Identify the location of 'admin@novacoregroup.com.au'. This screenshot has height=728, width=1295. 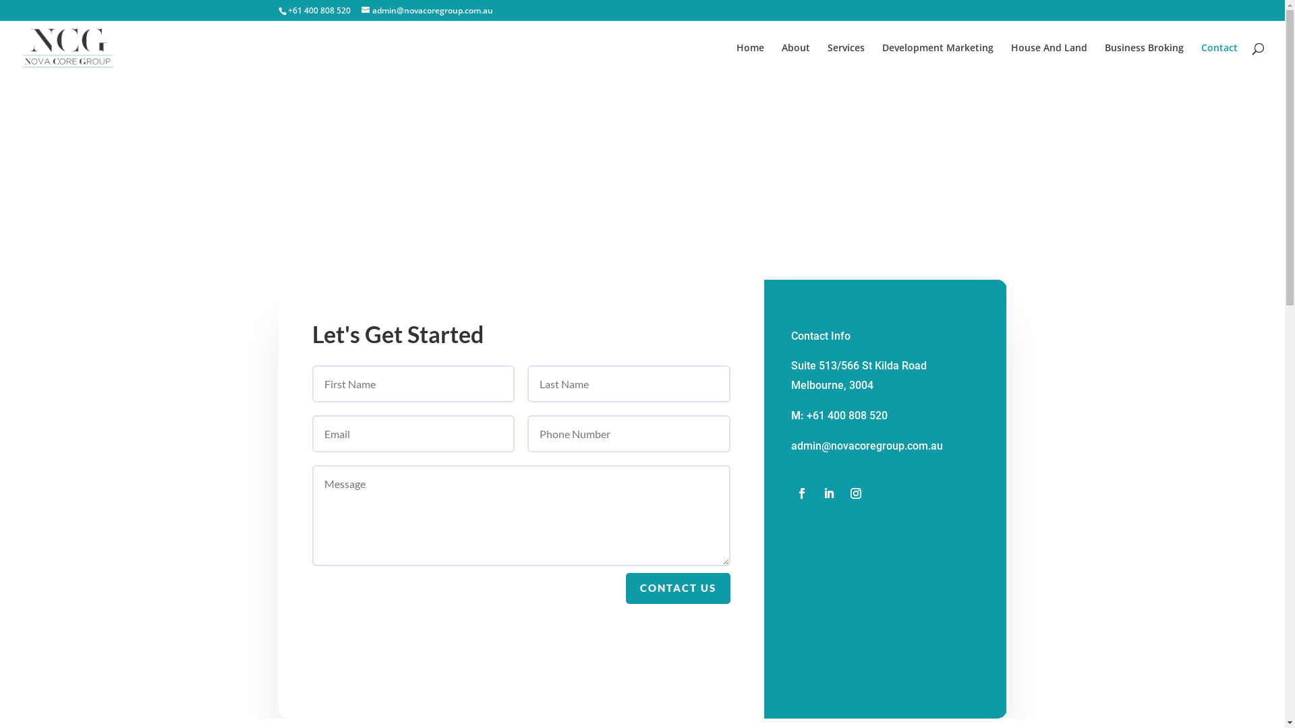
(426, 10).